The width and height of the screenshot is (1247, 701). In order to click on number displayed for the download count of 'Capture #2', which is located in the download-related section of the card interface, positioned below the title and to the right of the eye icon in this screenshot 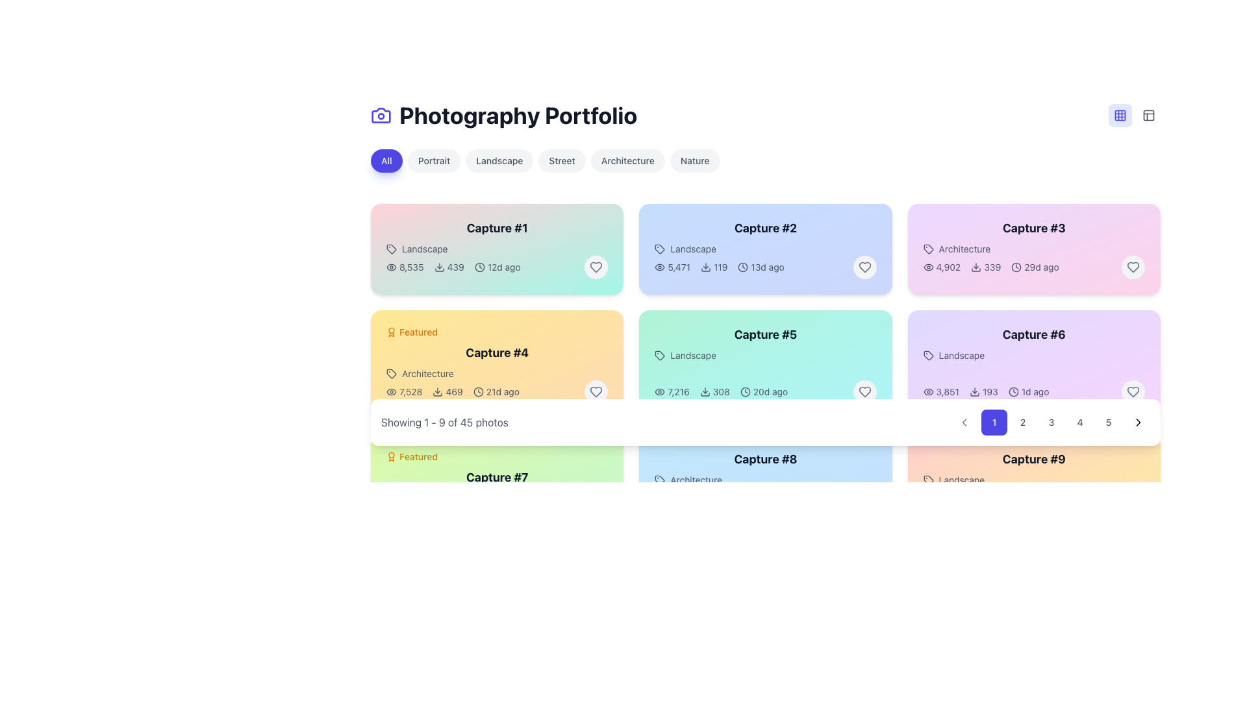, I will do `click(713, 267)`.